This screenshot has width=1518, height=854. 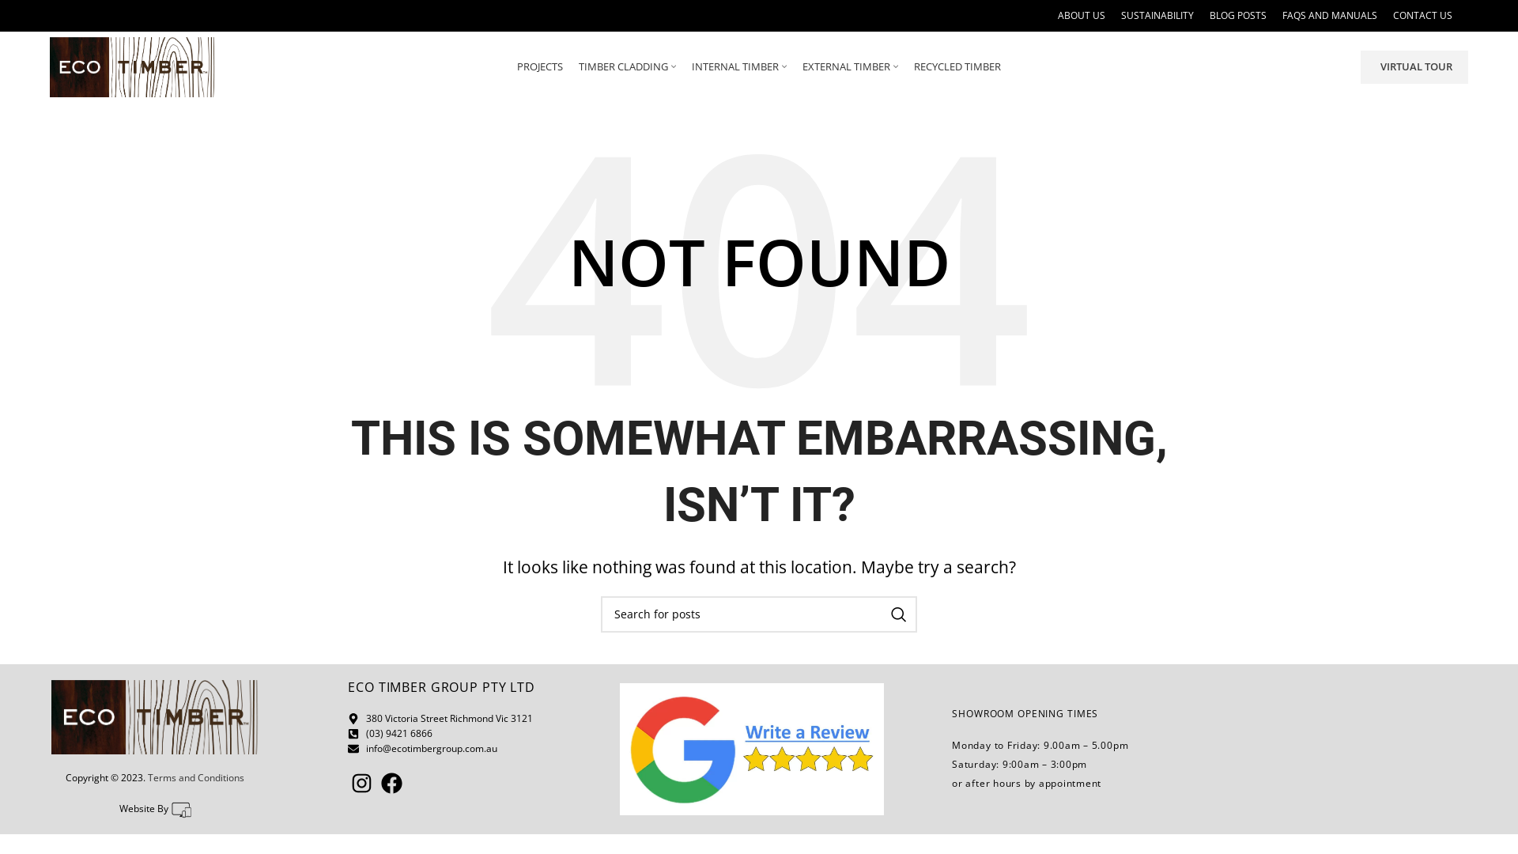 I want to click on 'ABOUT US', so click(x=1081, y=15).